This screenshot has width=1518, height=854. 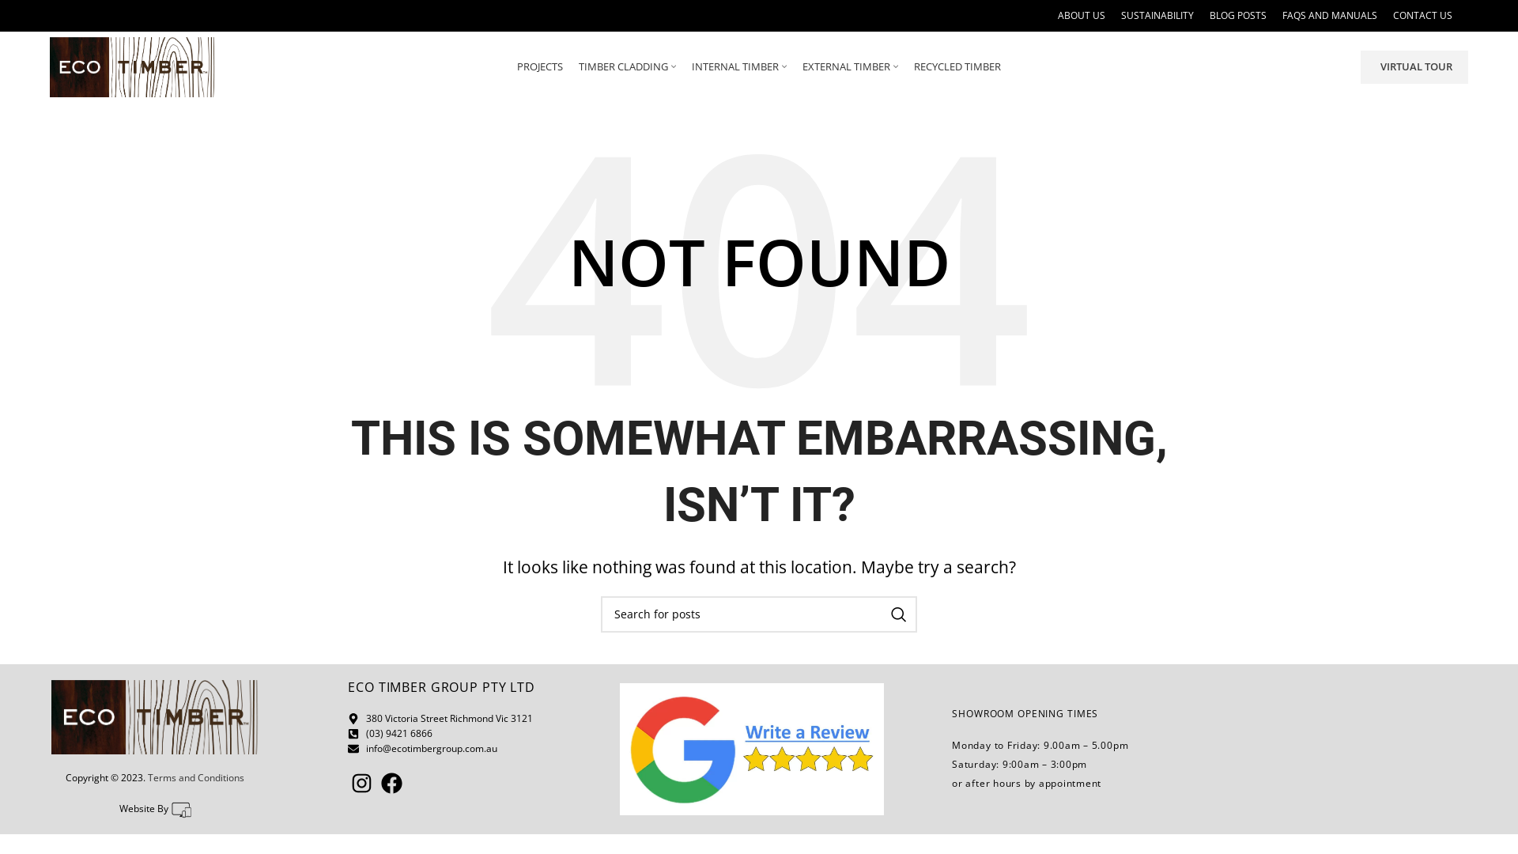 I want to click on 'ABOUT US', so click(x=1081, y=15).